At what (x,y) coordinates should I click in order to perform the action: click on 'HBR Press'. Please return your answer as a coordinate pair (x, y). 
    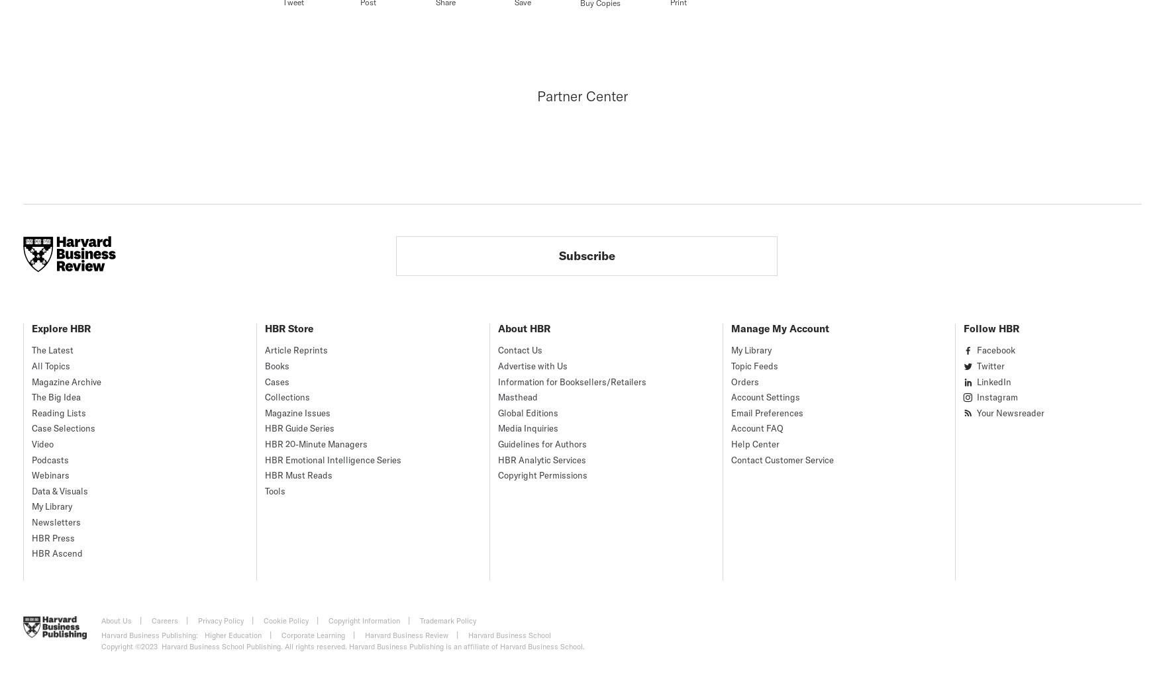
    Looking at the image, I should click on (53, 537).